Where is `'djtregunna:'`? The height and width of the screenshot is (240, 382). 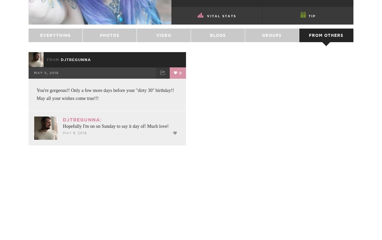 'djtregunna:' is located at coordinates (82, 136).